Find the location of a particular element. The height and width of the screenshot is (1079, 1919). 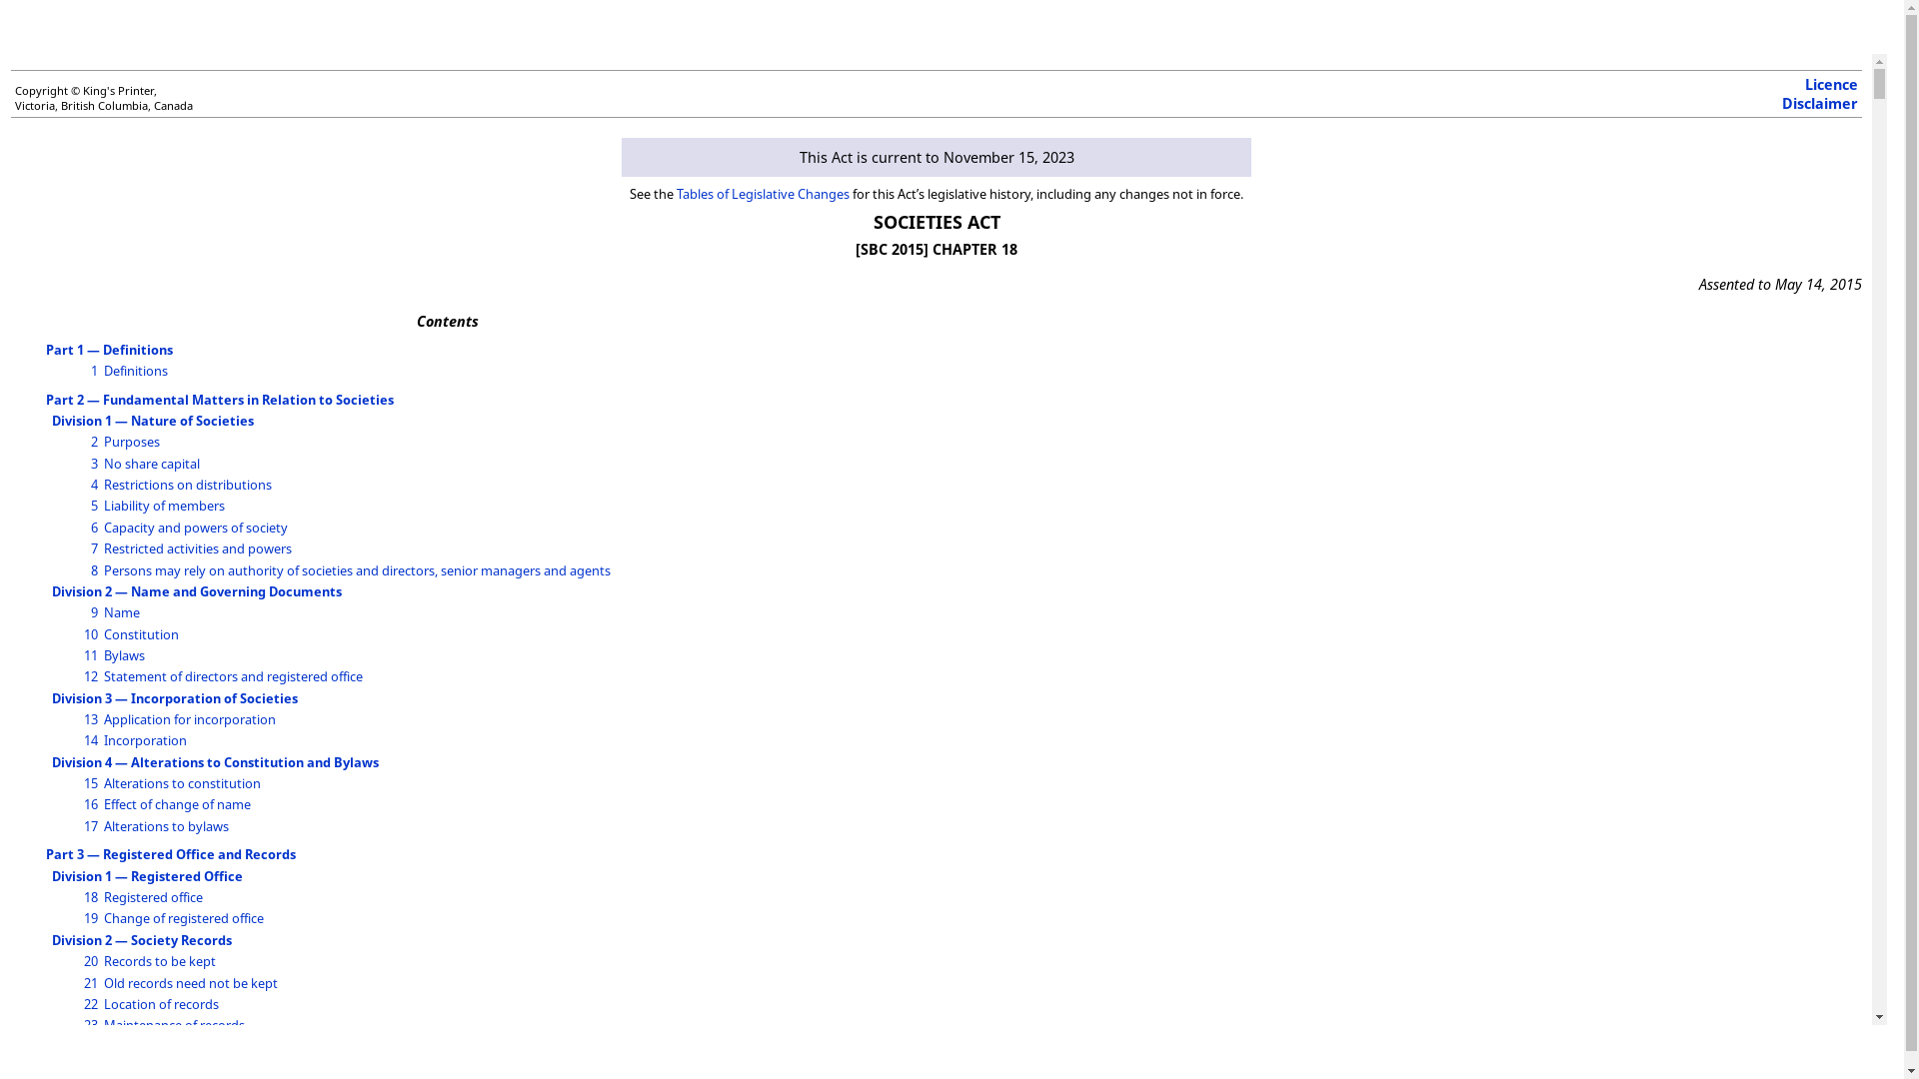

'Constitution' is located at coordinates (140, 634).